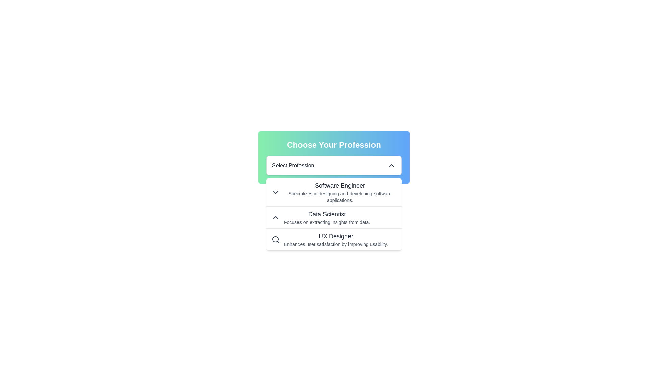 Image resolution: width=649 pixels, height=365 pixels. I want to click on the second list item in the dropdown menu titled 'Data Scientist', so click(334, 218).